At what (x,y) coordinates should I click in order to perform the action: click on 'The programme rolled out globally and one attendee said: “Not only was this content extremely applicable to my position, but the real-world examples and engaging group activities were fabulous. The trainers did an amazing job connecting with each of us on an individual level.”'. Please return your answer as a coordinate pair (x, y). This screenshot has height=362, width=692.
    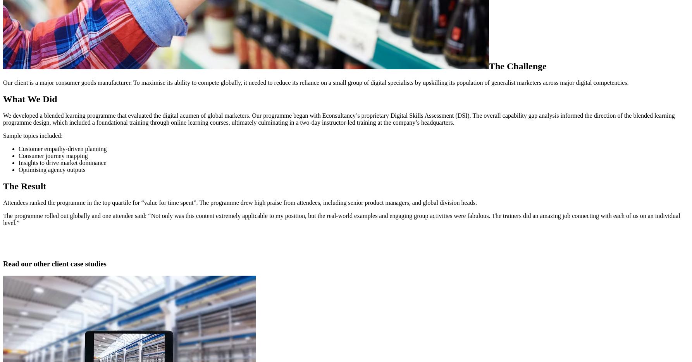
    Looking at the image, I should click on (341, 219).